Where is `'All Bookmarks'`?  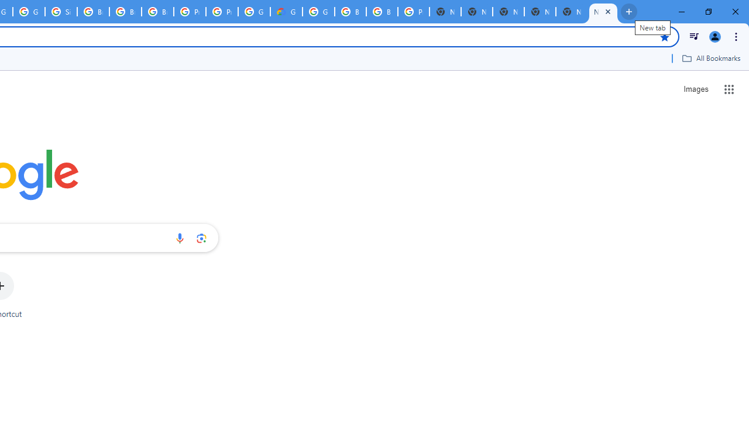 'All Bookmarks' is located at coordinates (710, 58).